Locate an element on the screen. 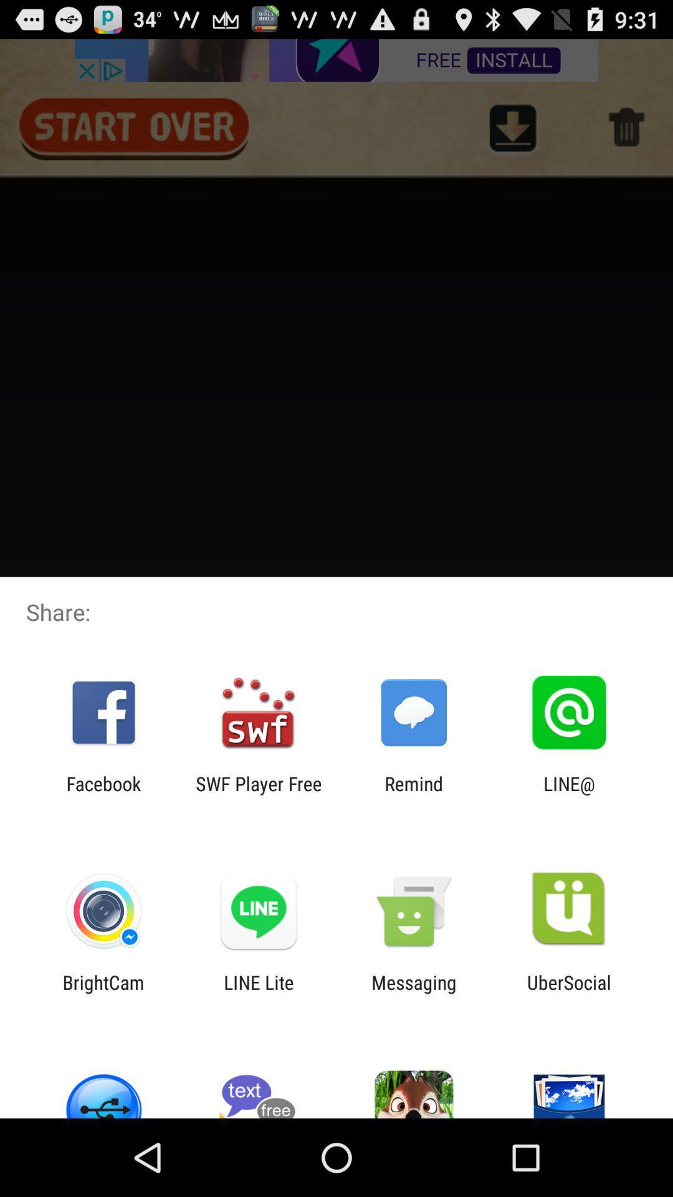  icon to the left of the line lite app is located at coordinates (103, 993).